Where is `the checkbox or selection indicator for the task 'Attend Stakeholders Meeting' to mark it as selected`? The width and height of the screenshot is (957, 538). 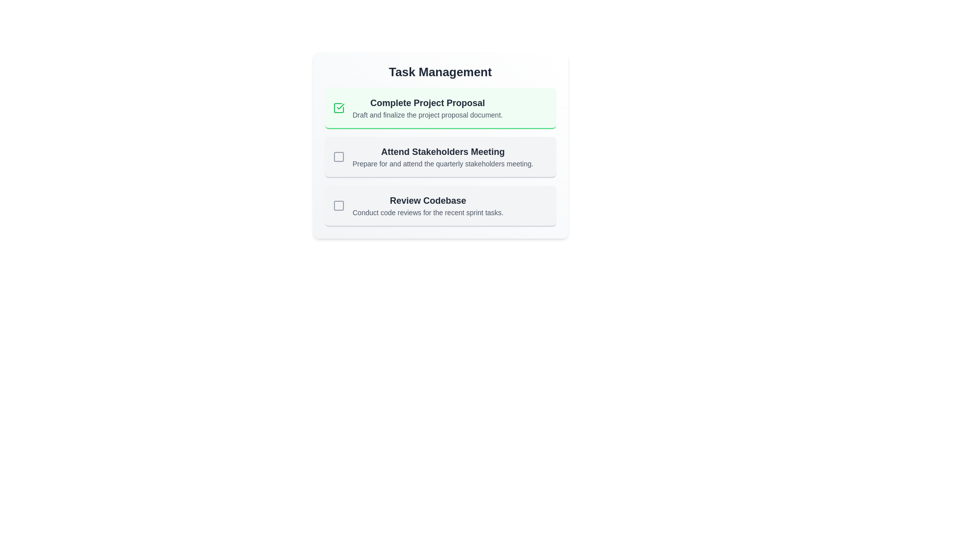 the checkbox or selection indicator for the task 'Attend Stakeholders Meeting' to mark it as selected is located at coordinates (338, 157).